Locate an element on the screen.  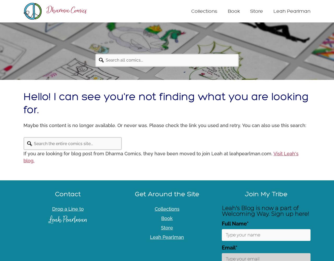
'Join My Tribe' is located at coordinates (244, 194).